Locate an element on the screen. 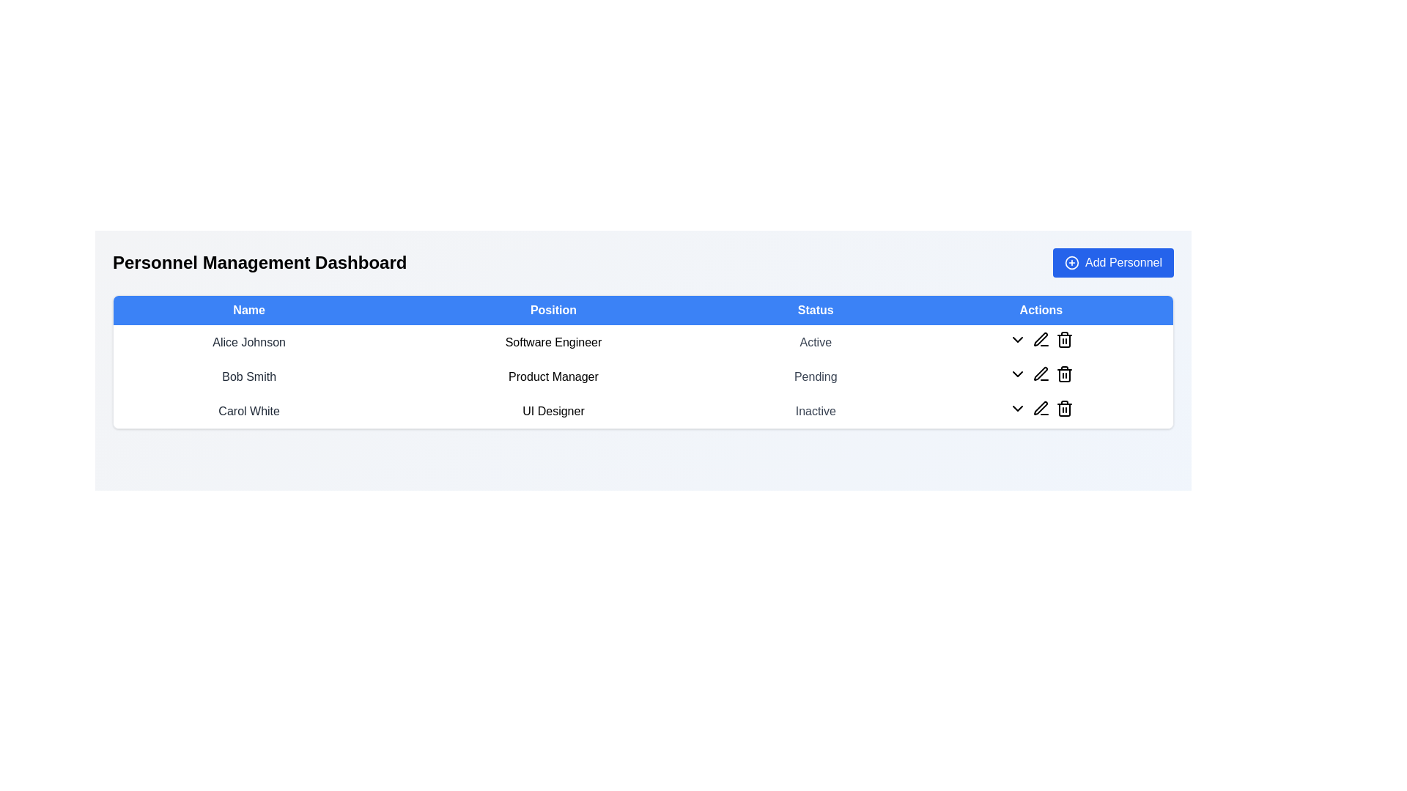 The width and height of the screenshot is (1407, 791). the black chevron icon button in the 'Actions' column for the user 'Carol White' is located at coordinates (1016, 409).